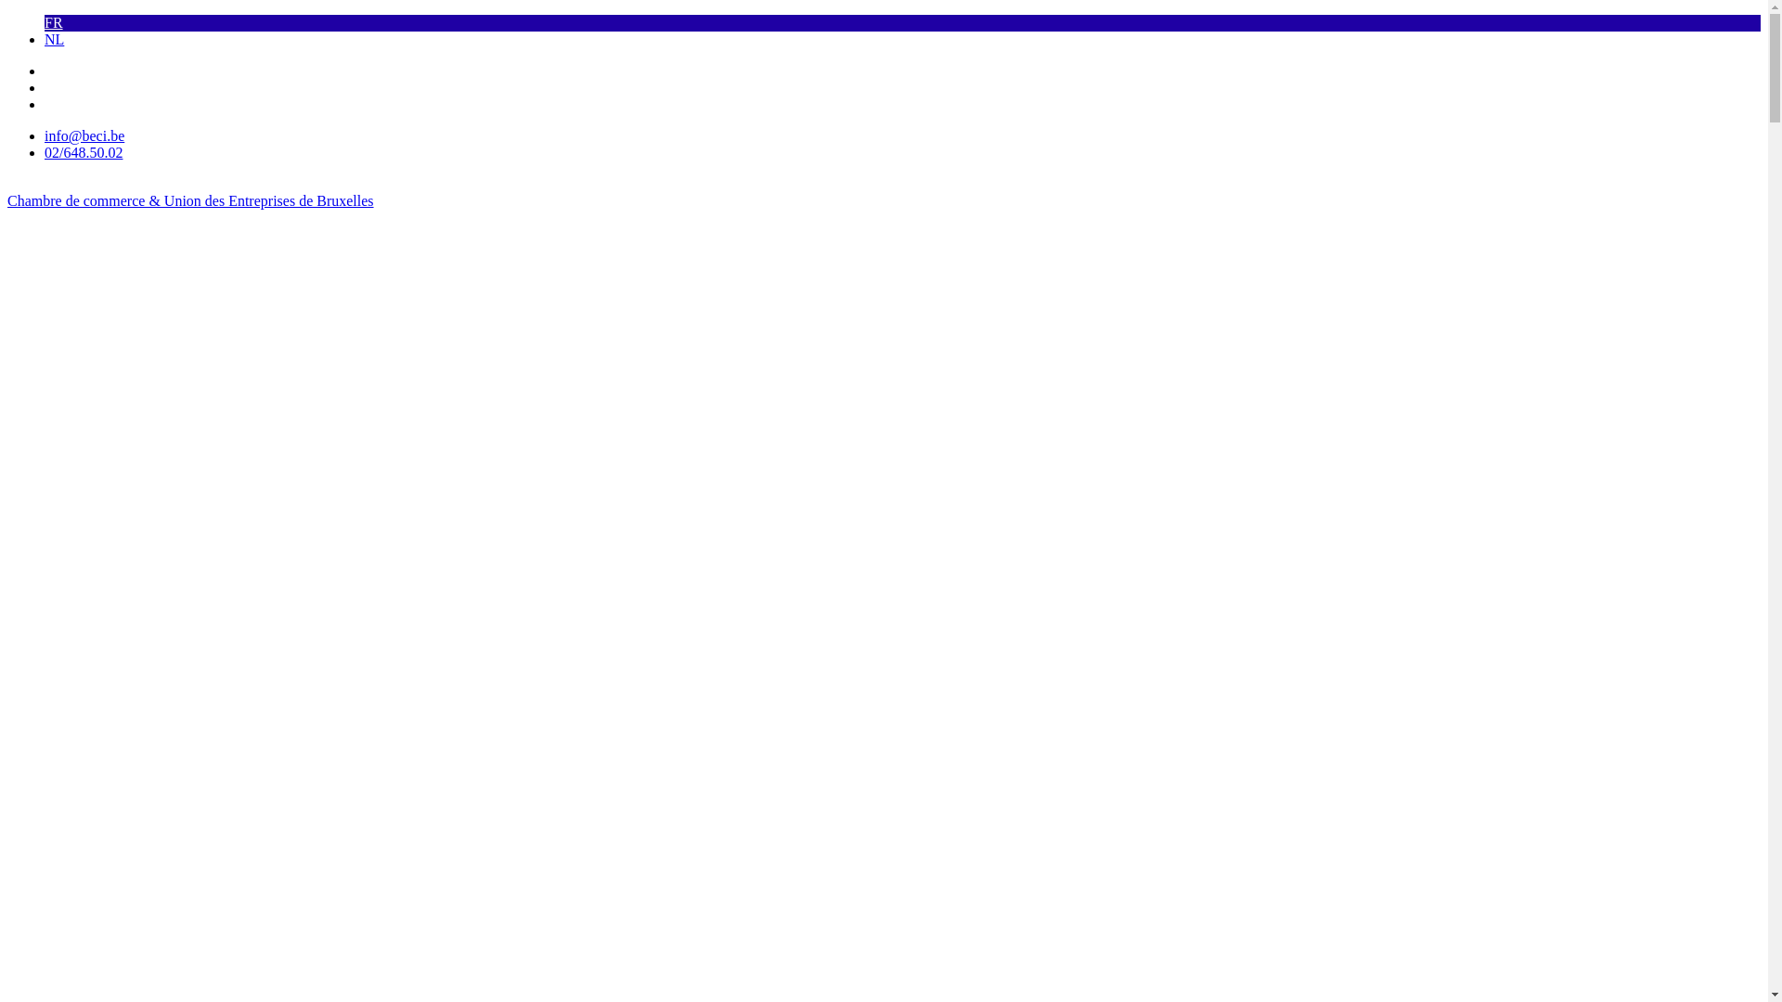  What do you see at coordinates (54, 39) in the screenshot?
I see `'NL'` at bounding box center [54, 39].